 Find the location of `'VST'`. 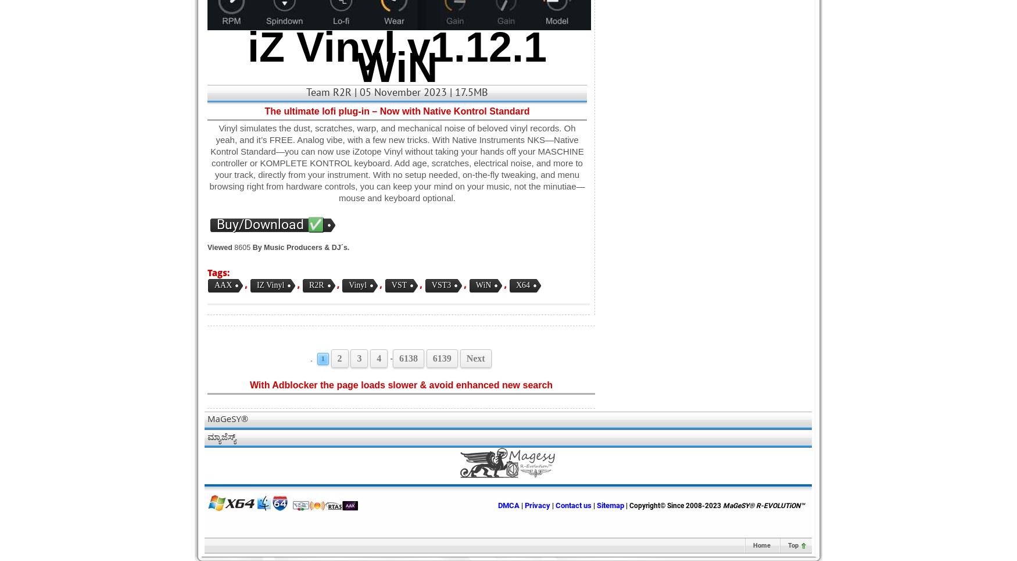

'VST' is located at coordinates (398, 285).